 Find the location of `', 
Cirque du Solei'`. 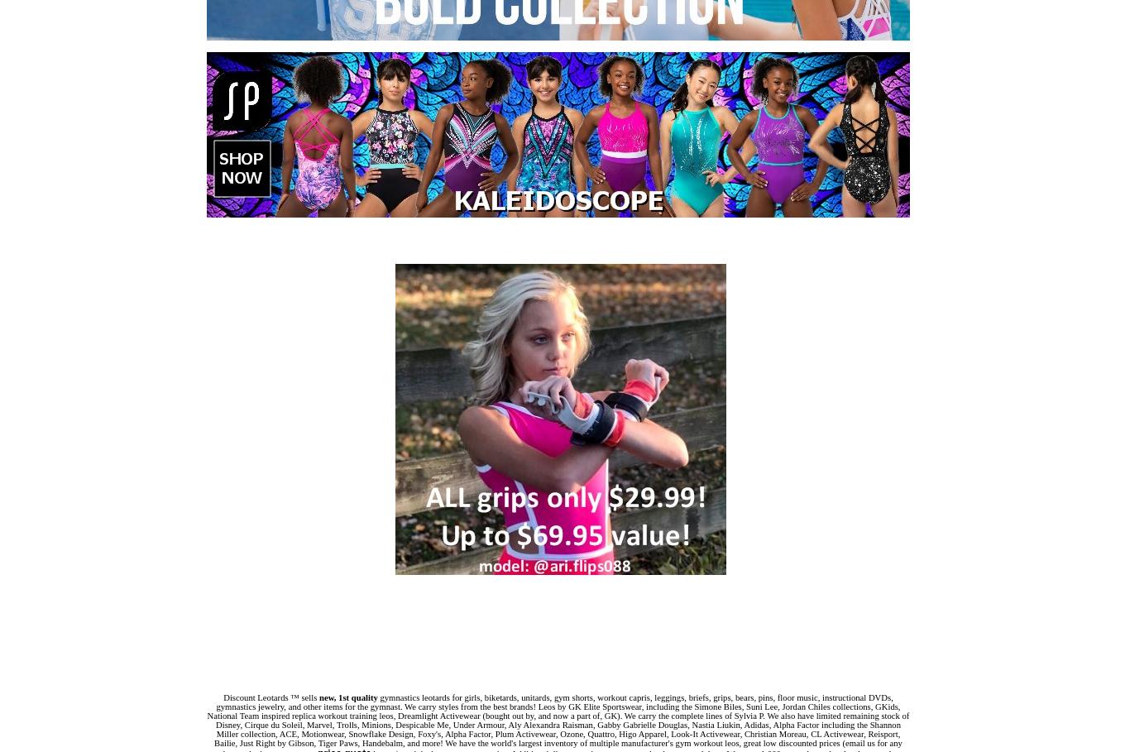

', 
Cirque du Solei' is located at coordinates (270, 725).